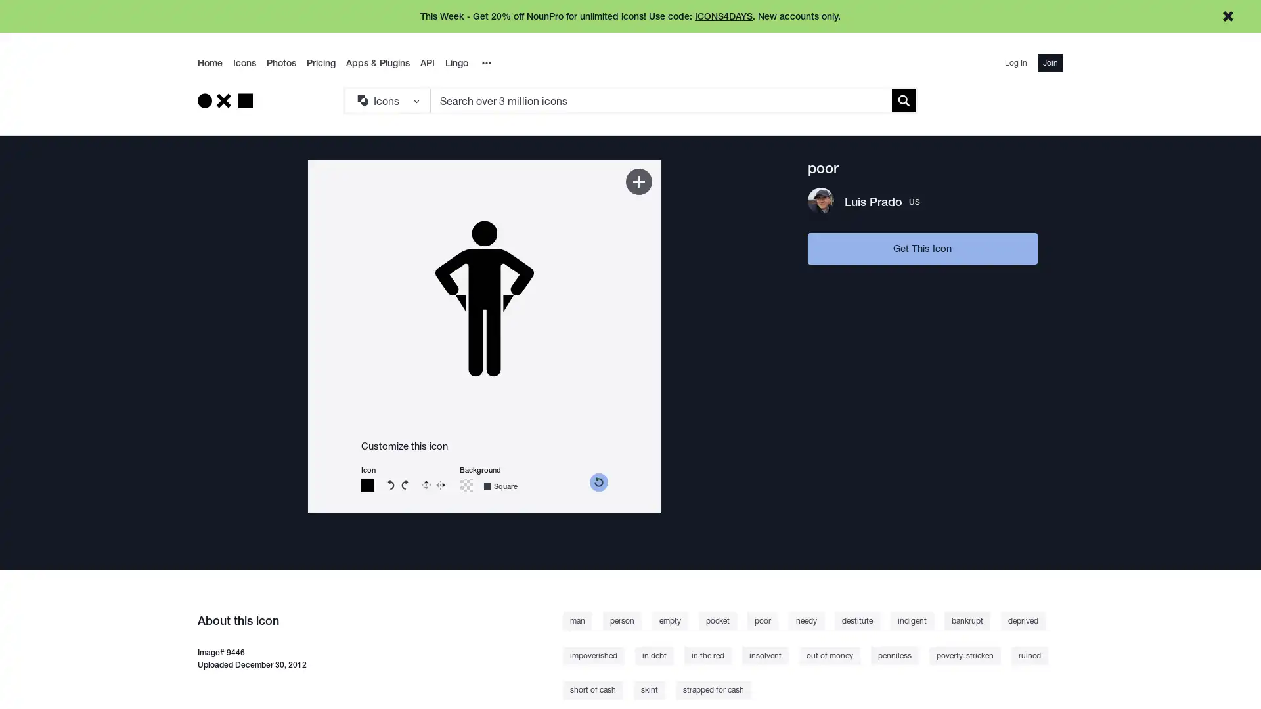 The height and width of the screenshot is (709, 1261). What do you see at coordinates (902, 100) in the screenshot?
I see `Submit search term` at bounding box center [902, 100].